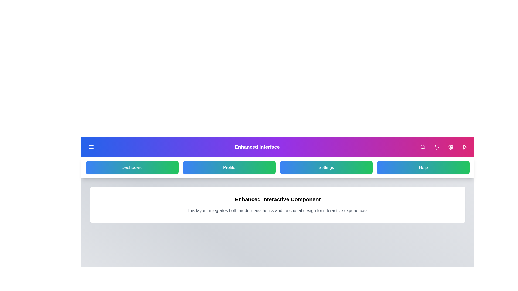  Describe the element at coordinates (229, 167) in the screenshot. I see `the 'Profile' navigation button` at that location.